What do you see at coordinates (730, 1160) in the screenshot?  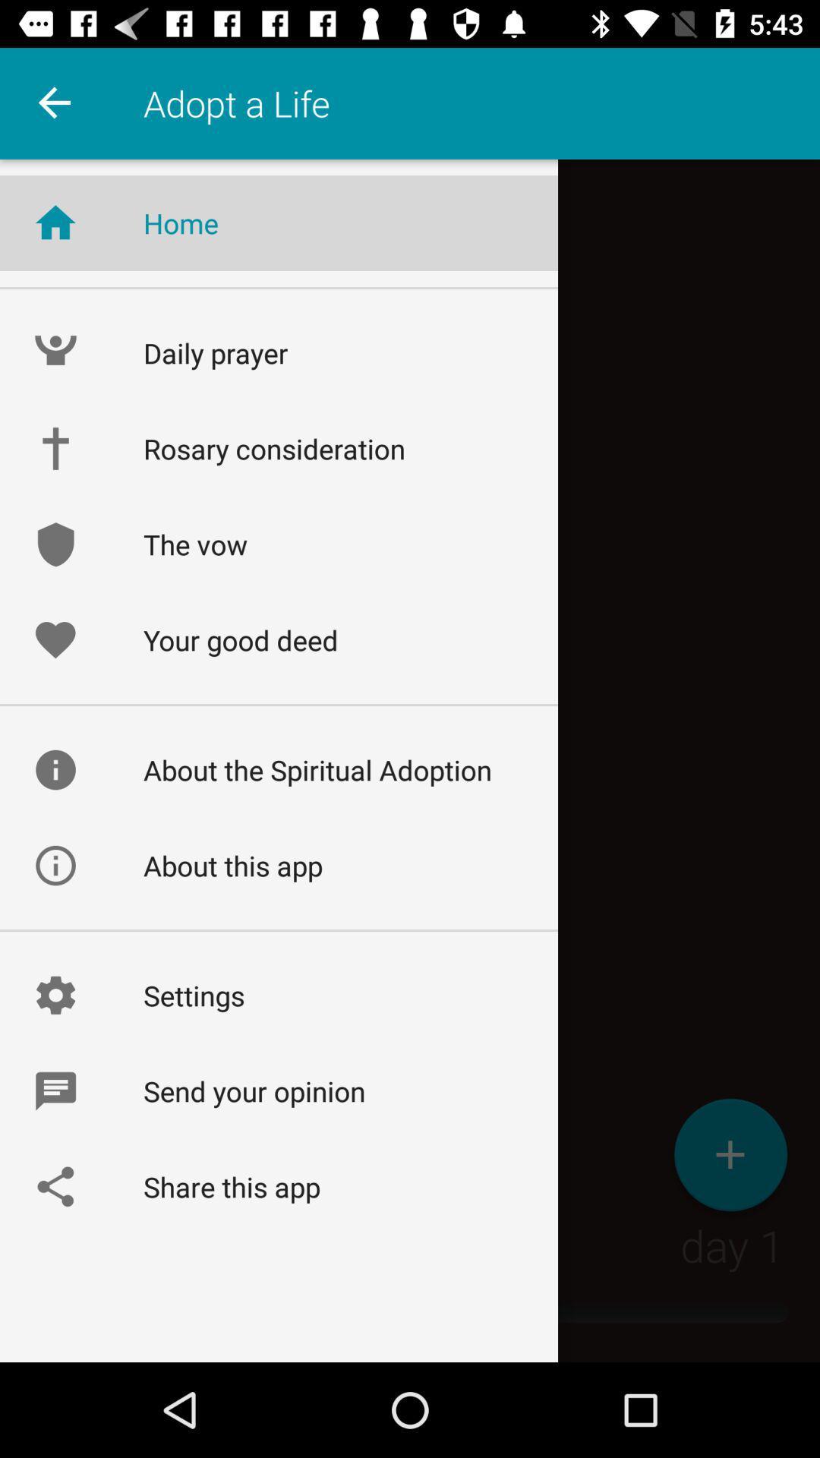 I see `the add icon` at bounding box center [730, 1160].